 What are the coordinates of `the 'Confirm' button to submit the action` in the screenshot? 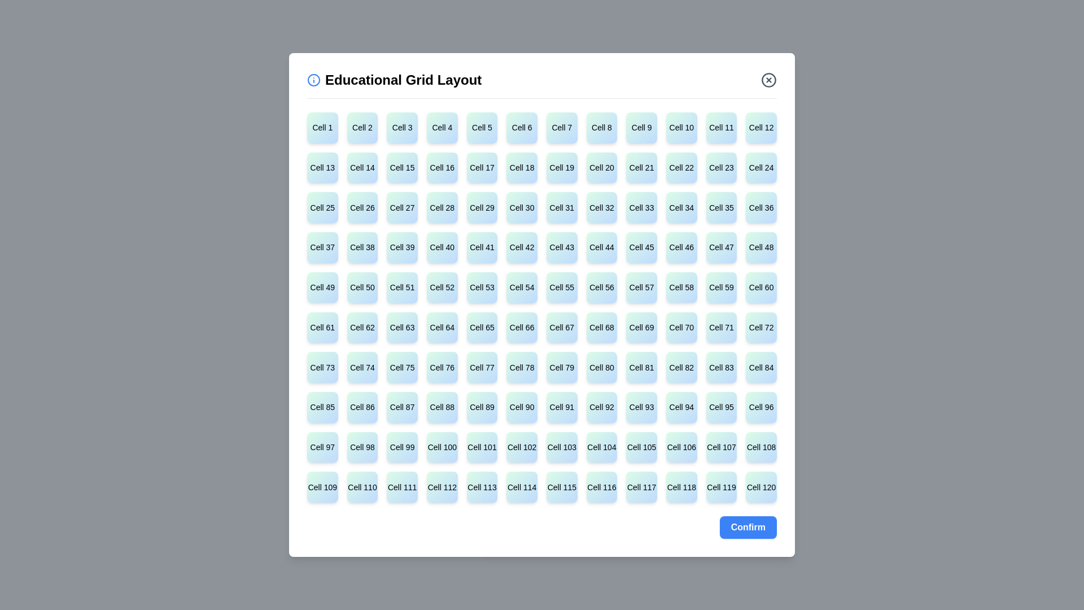 It's located at (748, 527).